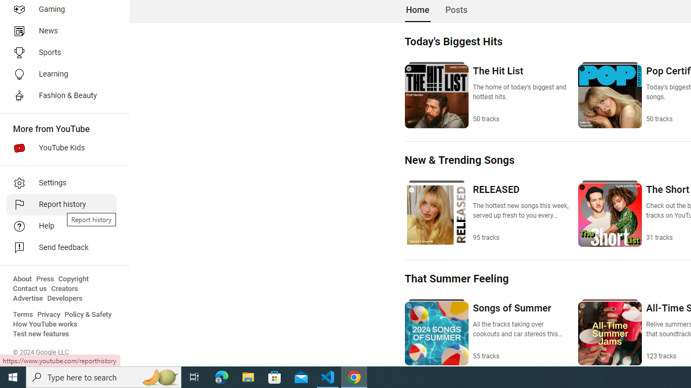  Describe the element at coordinates (28, 299) in the screenshot. I see `'Advertise'` at that location.